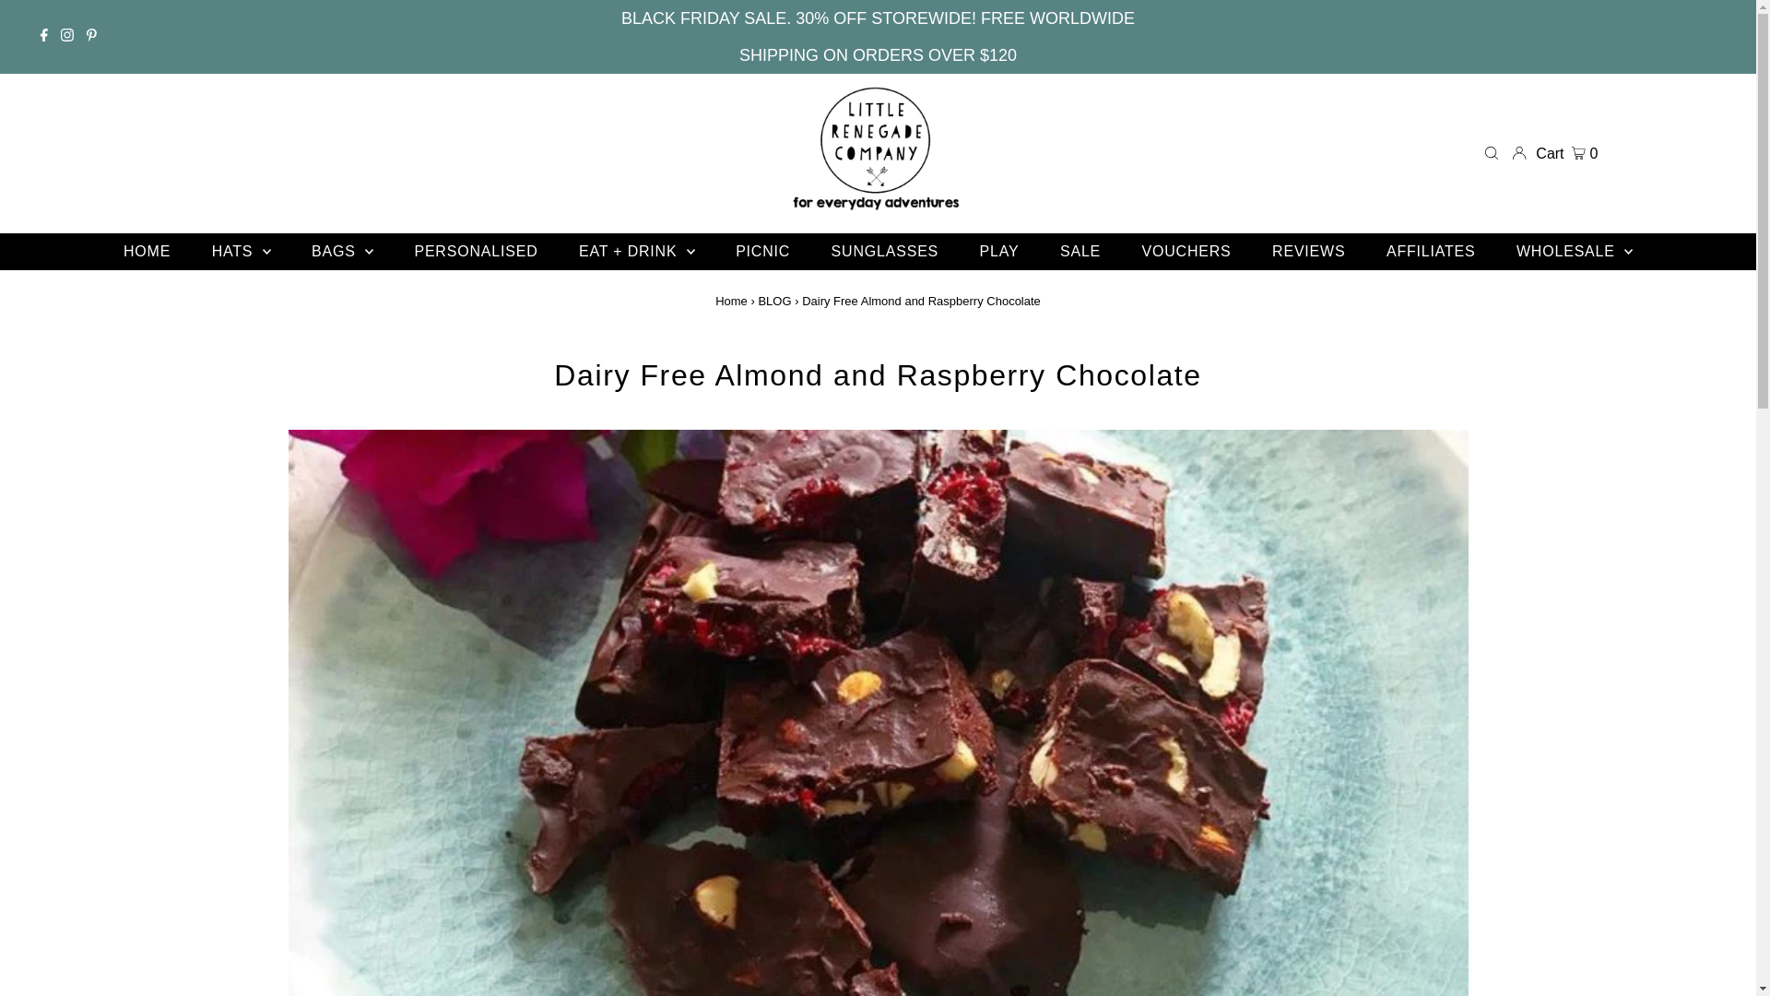  Describe the element at coordinates (998, 252) in the screenshot. I see `'PLAY'` at that location.